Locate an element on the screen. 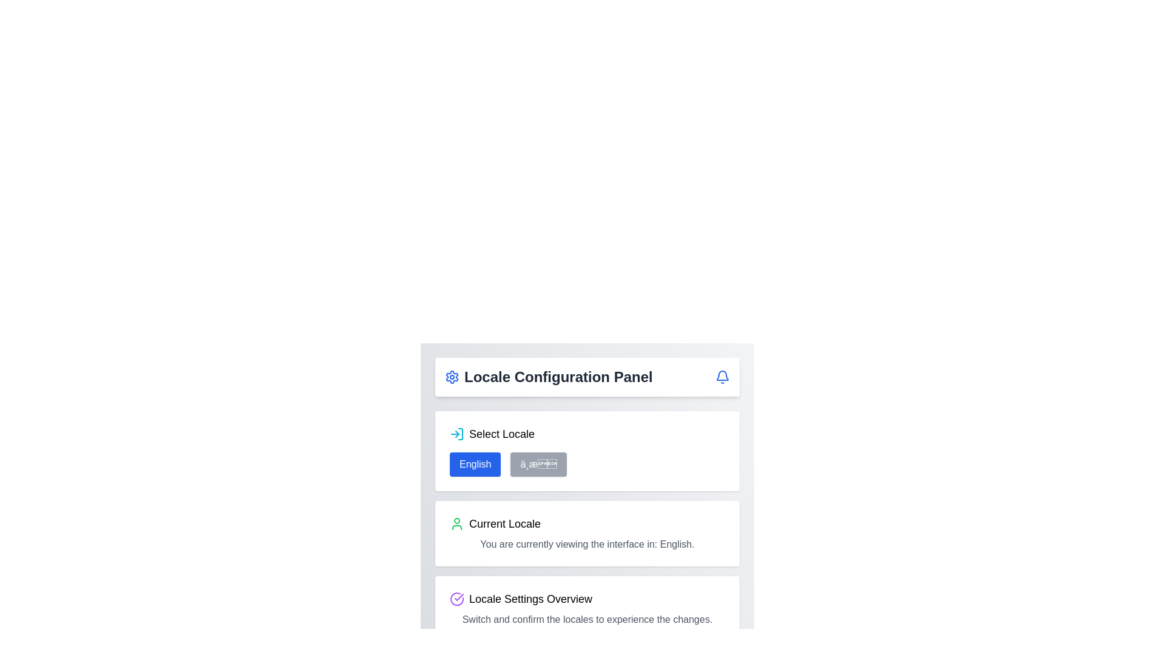 This screenshot has height=655, width=1164. the blue gear icon located at the top-left corner of the header labeled 'Locale Configuration Panel' is located at coordinates (451, 376).